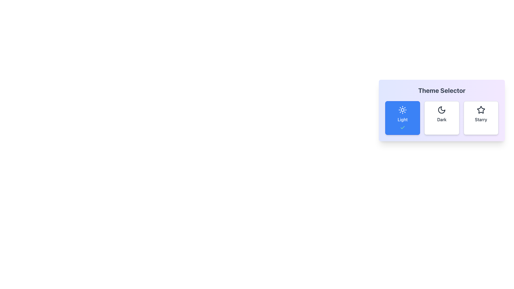 Image resolution: width=514 pixels, height=289 pixels. I want to click on the 'Light' theme button, which is a rectangular button with a blue background, white text, a sun icon above the text, and a green checkmark below, located in the 'Theme Selector' group, so click(403, 117).